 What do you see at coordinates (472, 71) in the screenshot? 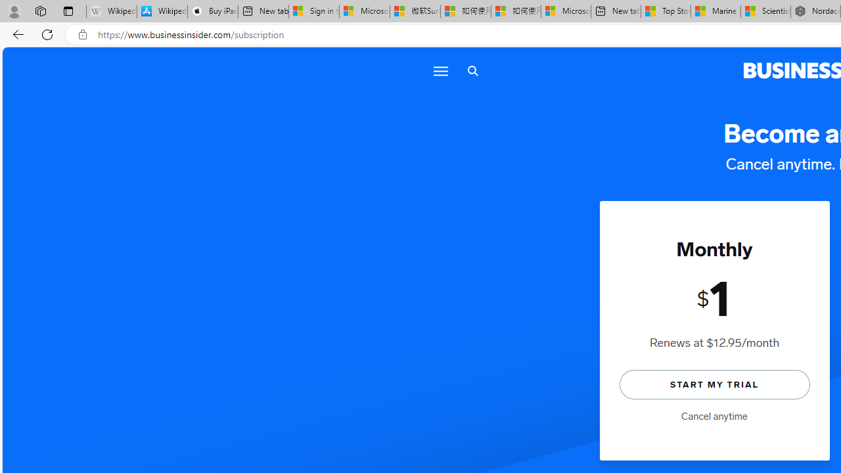
I see `'Search icon'` at bounding box center [472, 71].